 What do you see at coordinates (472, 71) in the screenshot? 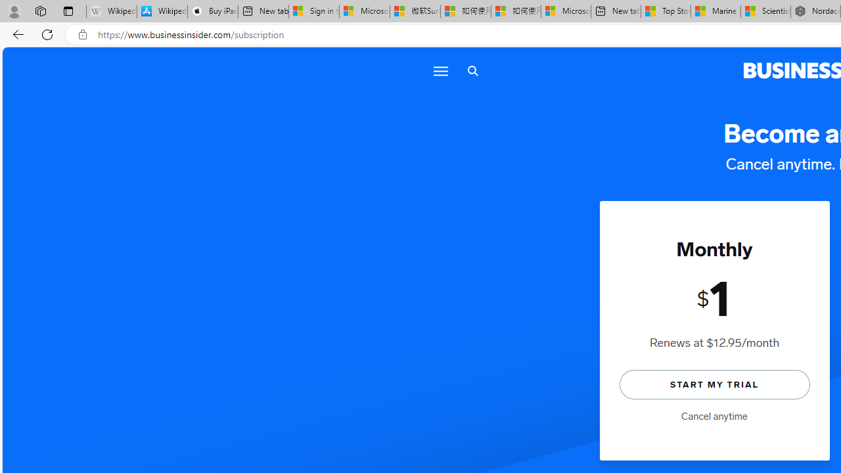
I see `'Search icon'` at bounding box center [472, 71].